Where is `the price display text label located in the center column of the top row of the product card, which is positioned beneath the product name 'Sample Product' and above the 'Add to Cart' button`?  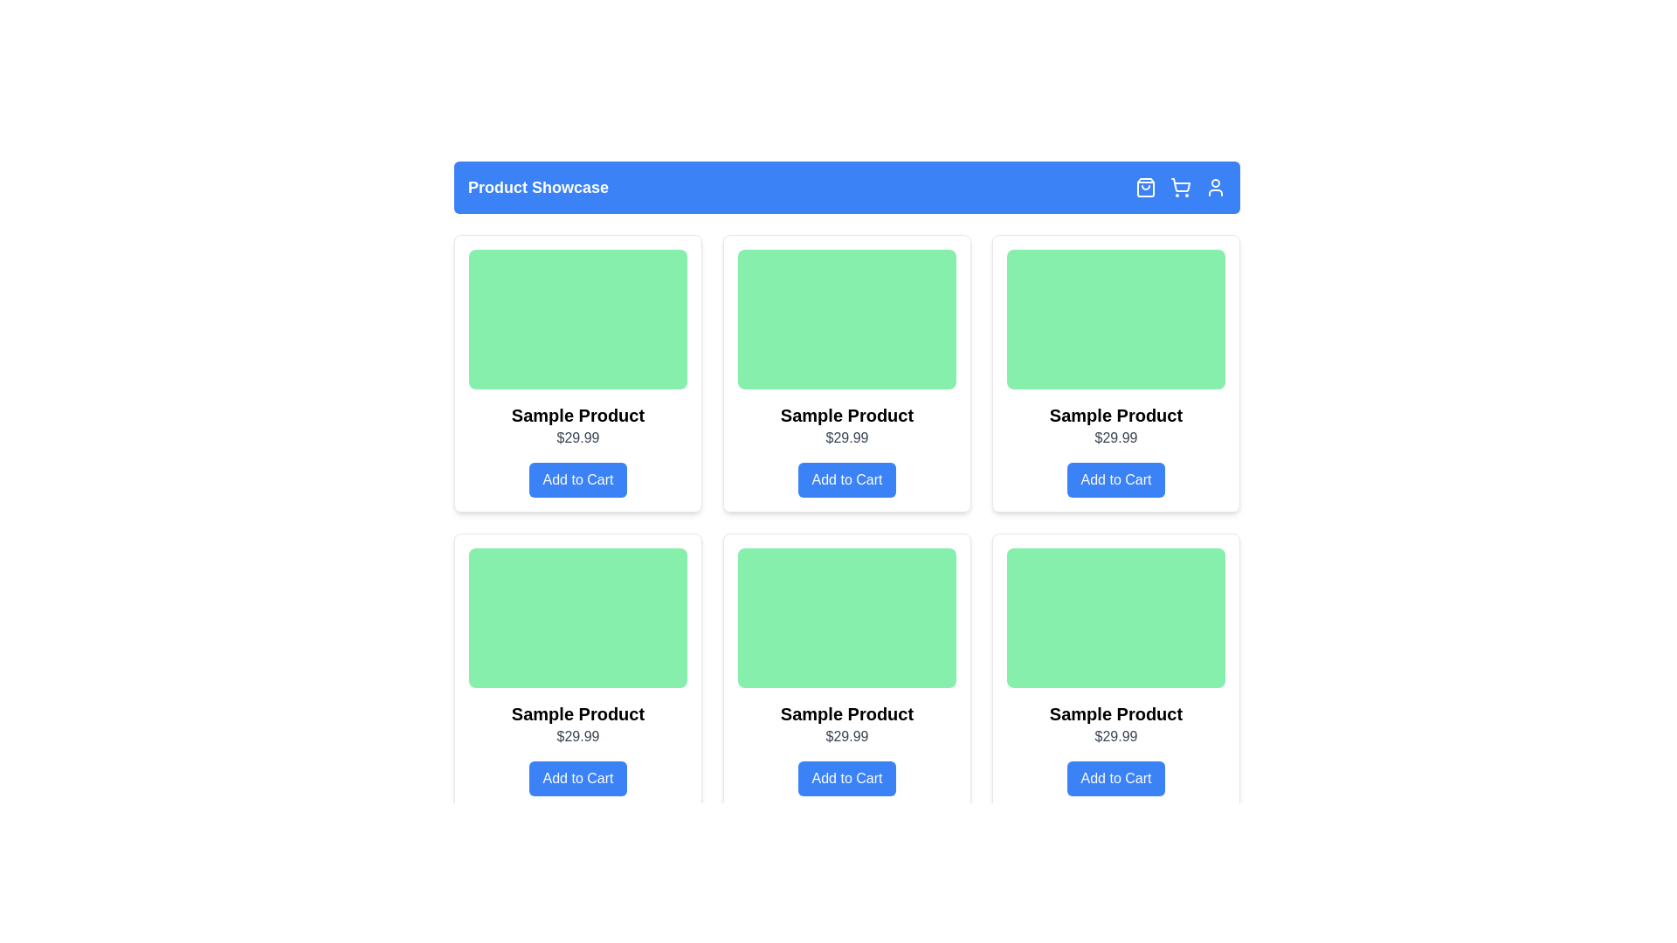
the price display text label located in the center column of the top row of the product card, which is positioned beneath the product name 'Sample Product' and above the 'Add to Cart' button is located at coordinates (846, 437).